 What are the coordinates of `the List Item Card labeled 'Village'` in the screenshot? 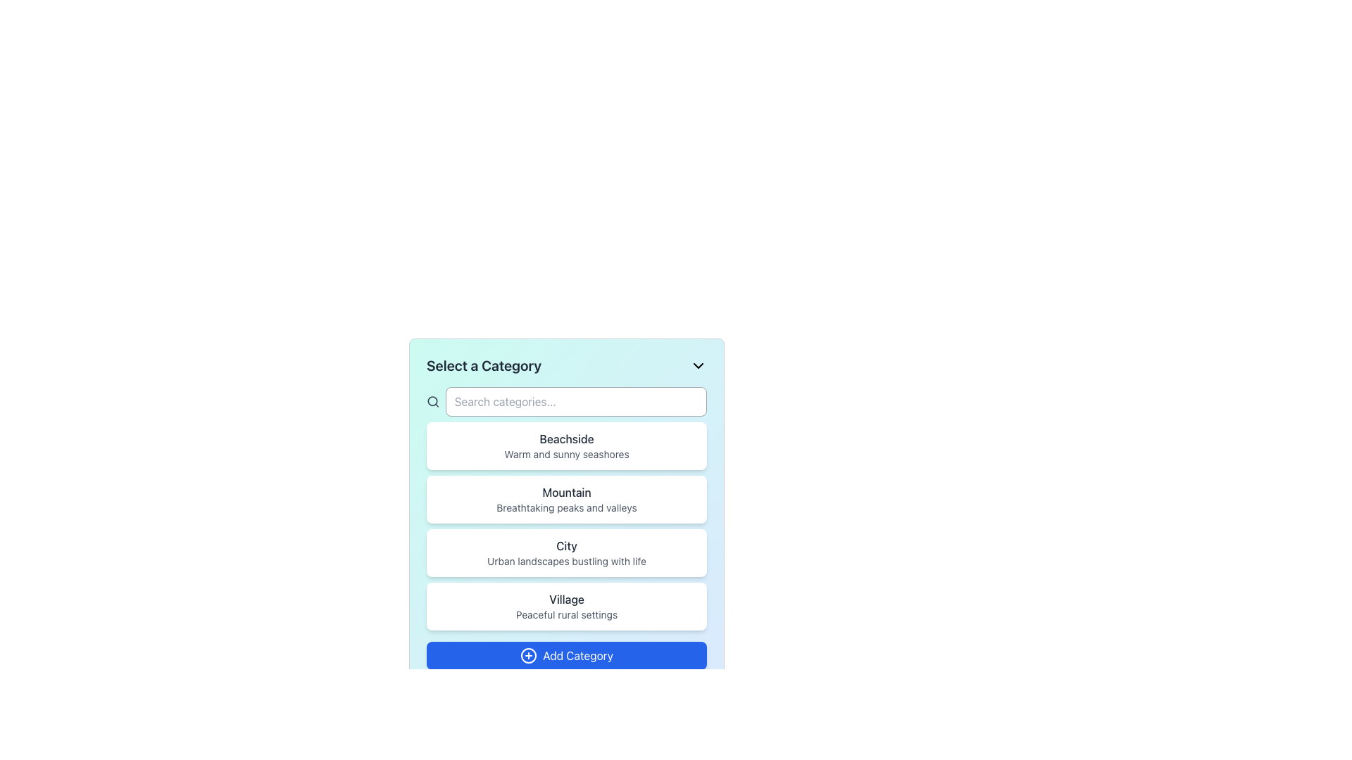 It's located at (567, 605).